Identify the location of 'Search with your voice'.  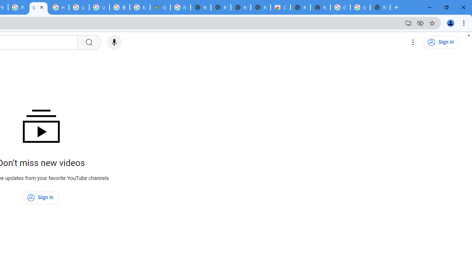
(114, 42).